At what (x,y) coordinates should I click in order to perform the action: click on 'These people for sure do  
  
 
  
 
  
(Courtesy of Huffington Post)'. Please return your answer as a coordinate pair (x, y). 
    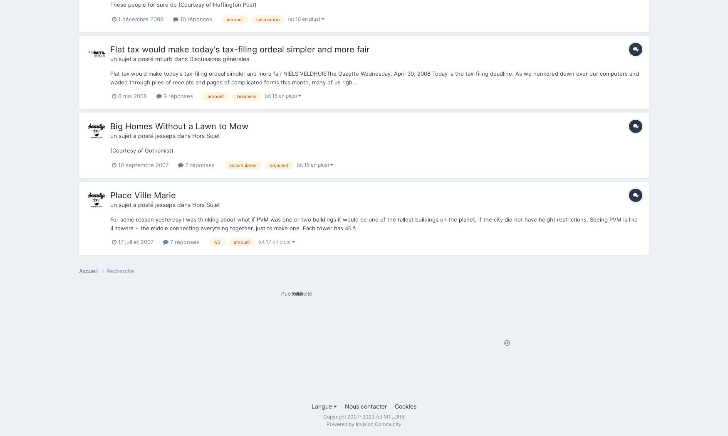
    Looking at the image, I should click on (183, 3).